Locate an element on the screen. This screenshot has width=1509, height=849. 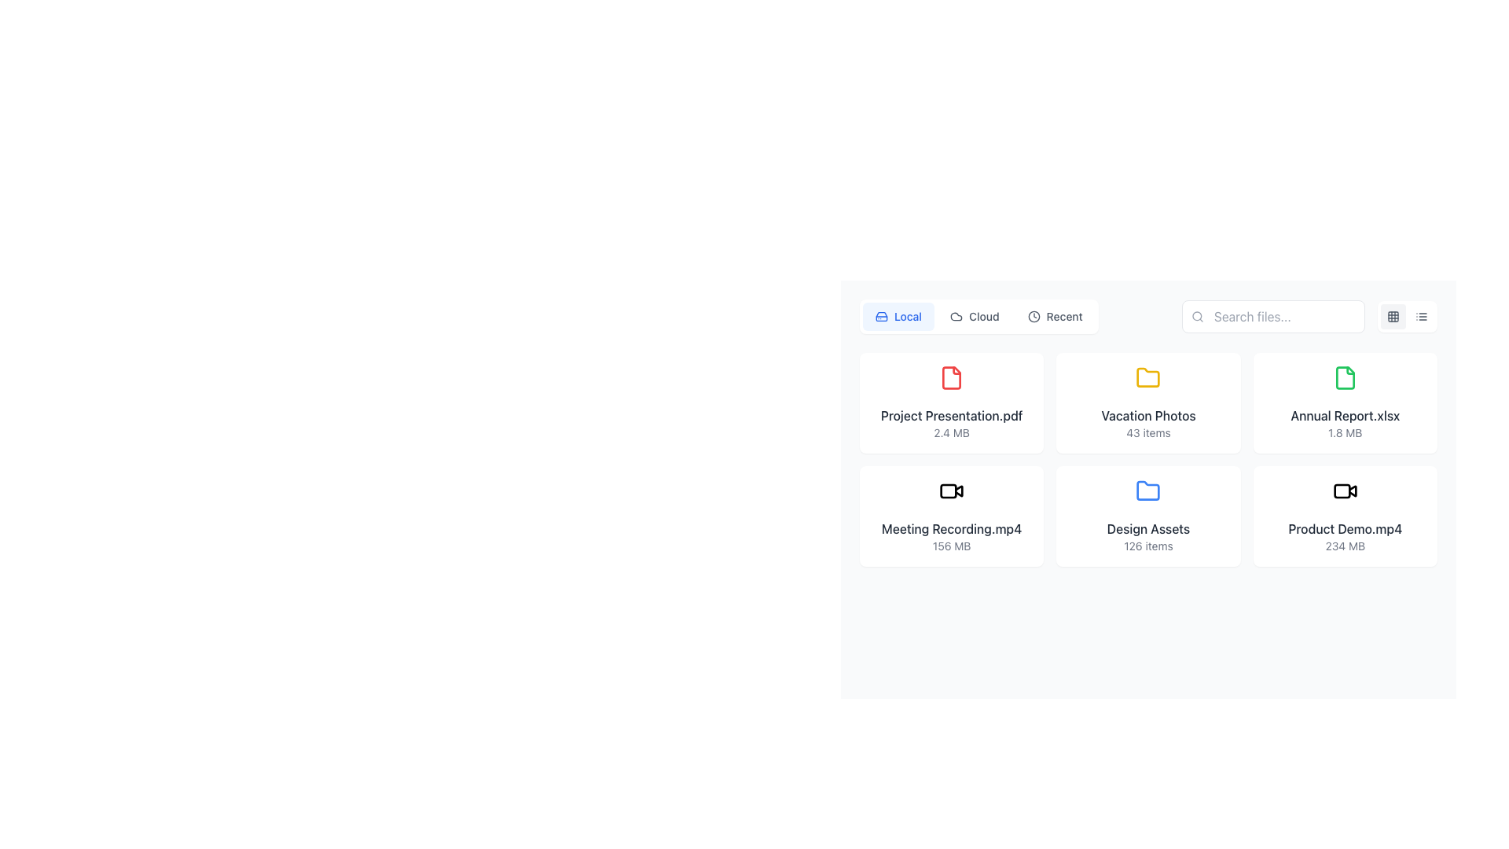
the 'Vacation Photos' text label, which is styled in medium-weight gray font and positioned centrally is located at coordinates (1148, 414).